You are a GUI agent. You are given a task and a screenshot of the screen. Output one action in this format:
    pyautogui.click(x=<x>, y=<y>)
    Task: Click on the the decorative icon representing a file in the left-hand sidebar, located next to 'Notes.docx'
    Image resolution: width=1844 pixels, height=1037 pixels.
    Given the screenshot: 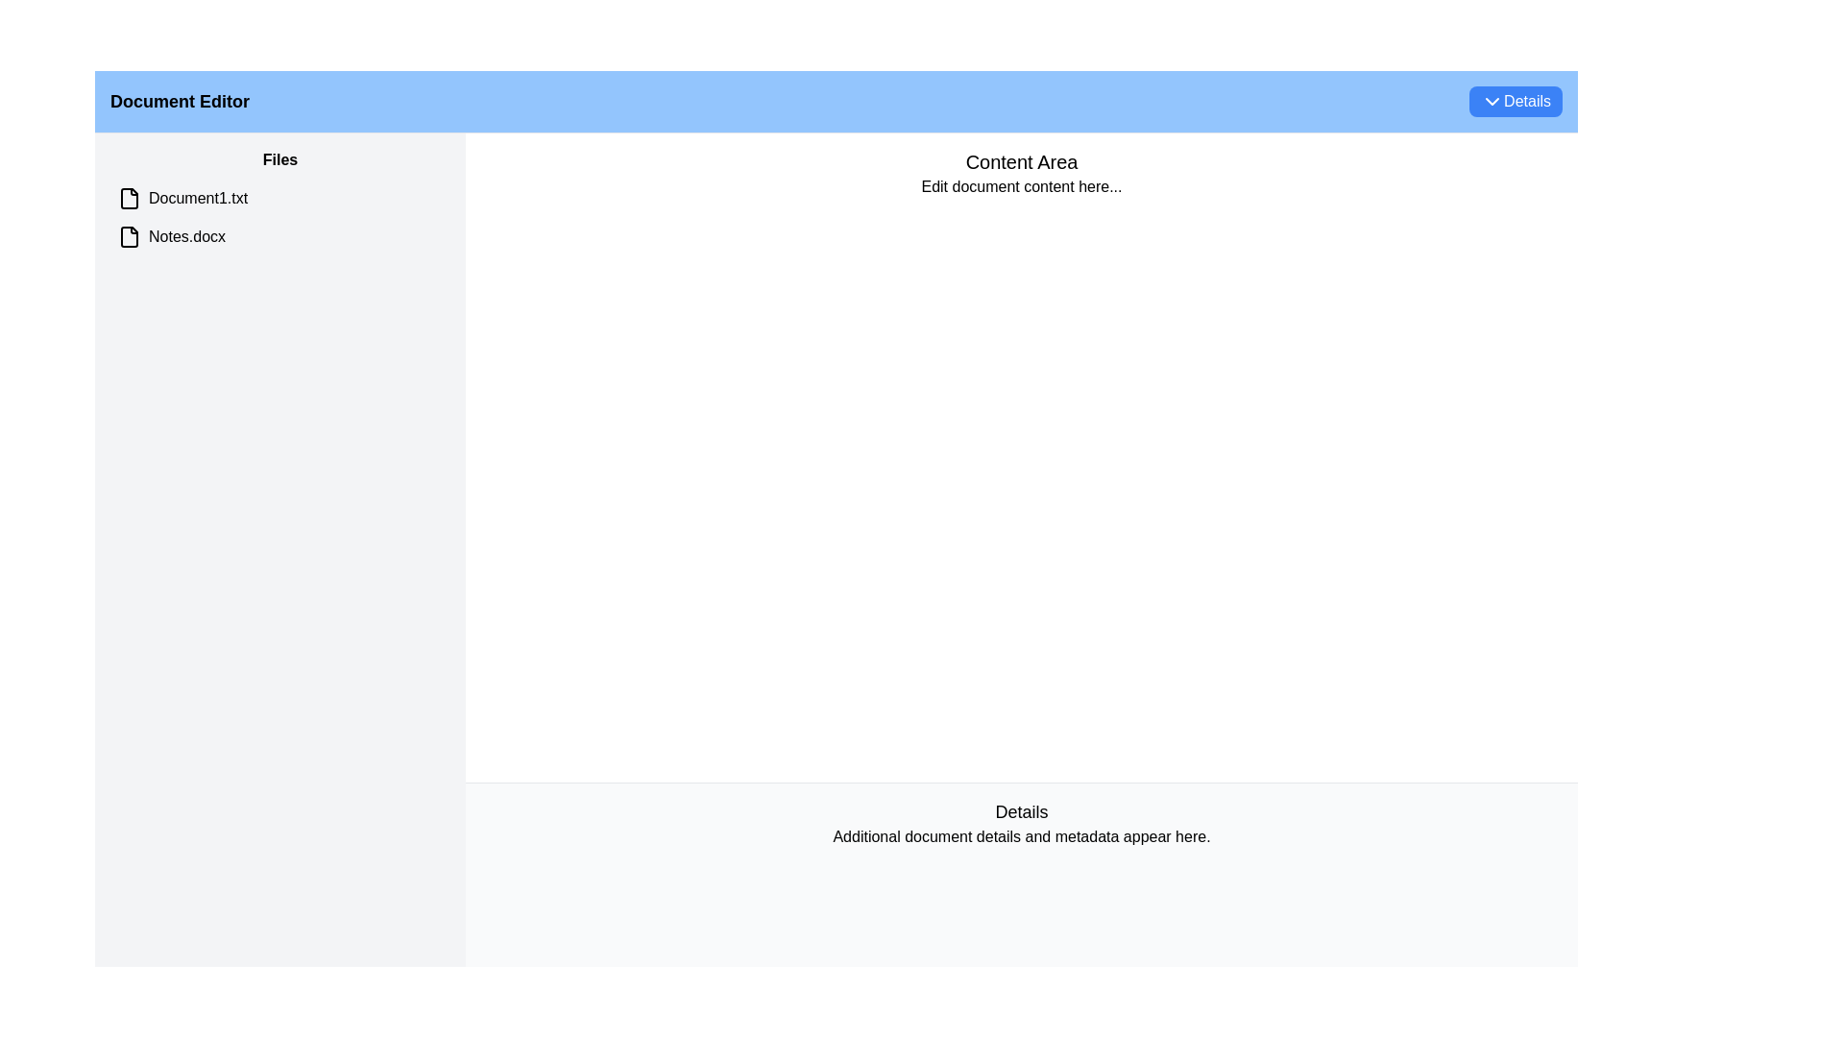 What is the action you would take?
    pyautogui.click(x=128, y=235)
    